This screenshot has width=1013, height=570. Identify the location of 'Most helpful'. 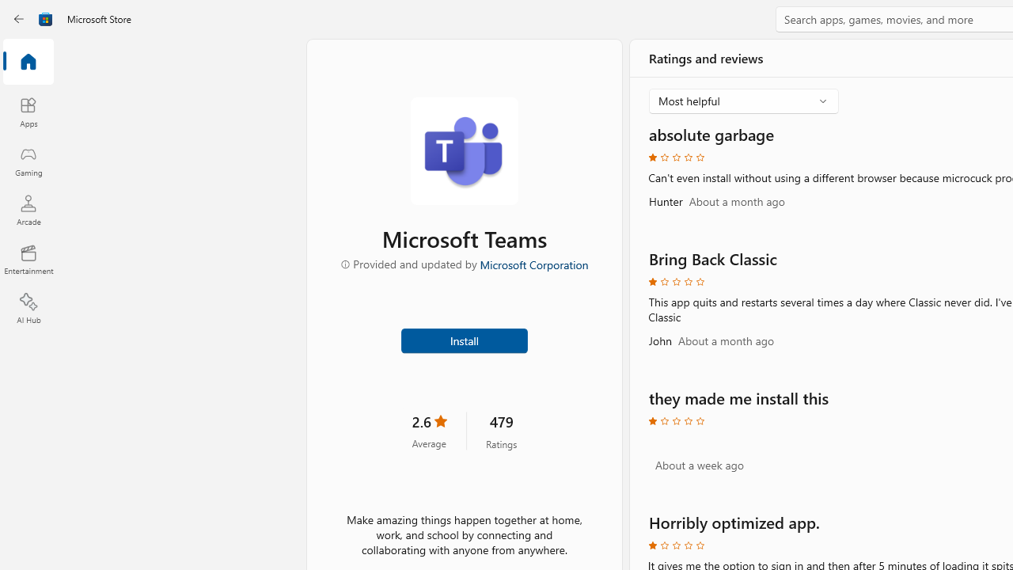
(732, 99).